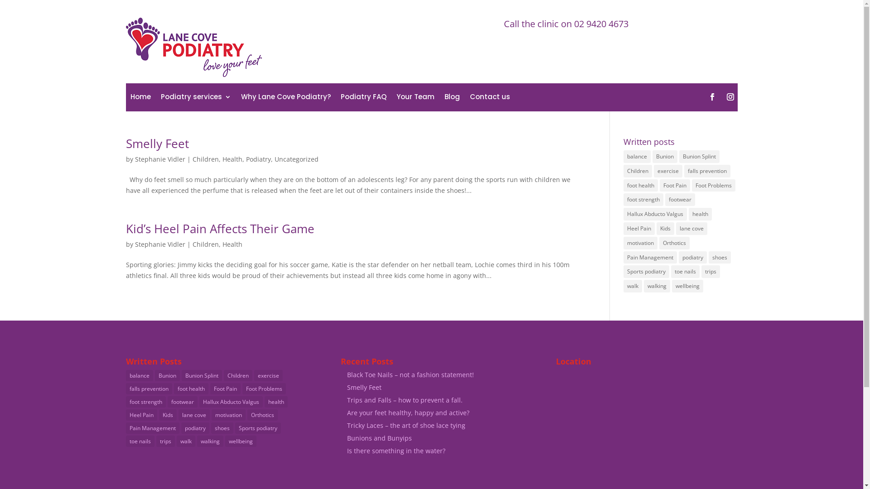 This screenshot has width=870, height=489. I want to click on 'walking', so click(209, 441).